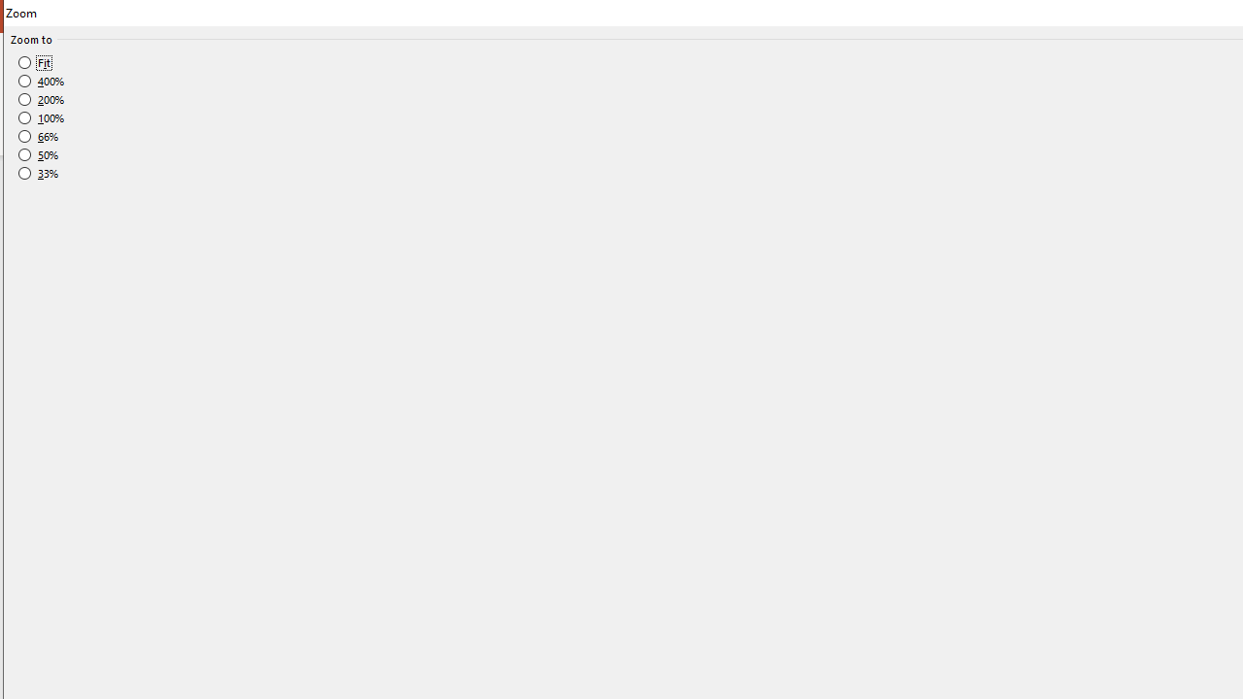 Image resolution: width=1243 pixels, height=699 pixels. I want to click on 'Fit', so click(35, 61).